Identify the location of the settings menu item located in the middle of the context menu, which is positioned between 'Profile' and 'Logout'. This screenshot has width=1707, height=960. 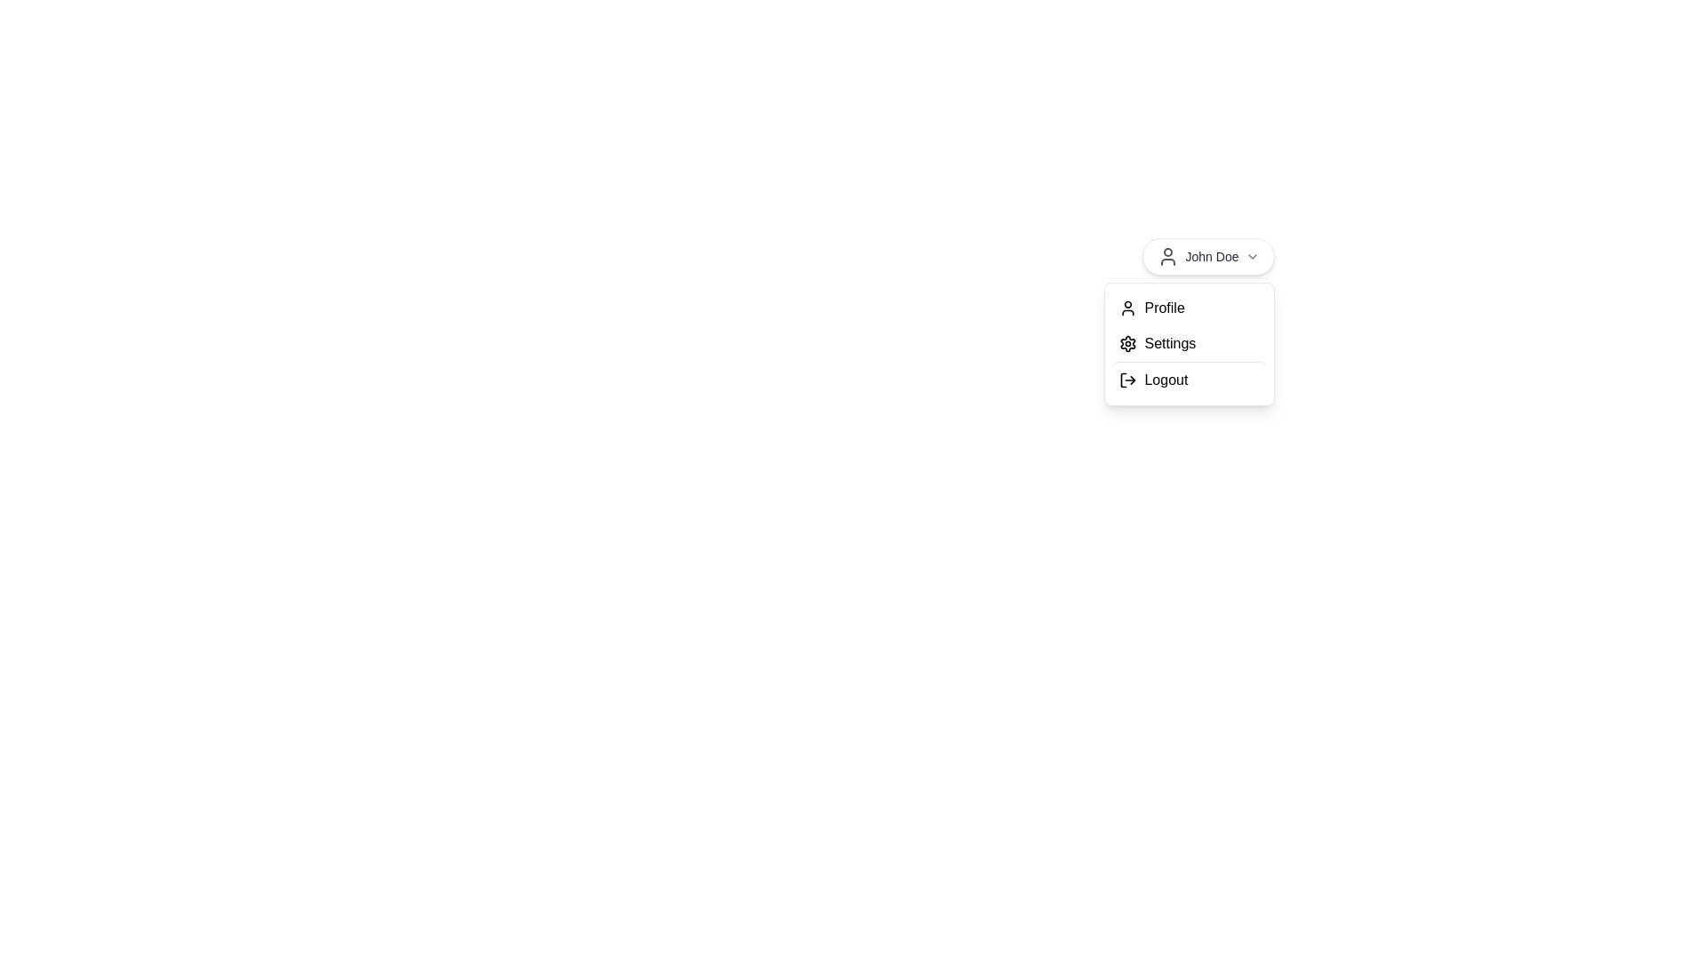
(1190, 343).